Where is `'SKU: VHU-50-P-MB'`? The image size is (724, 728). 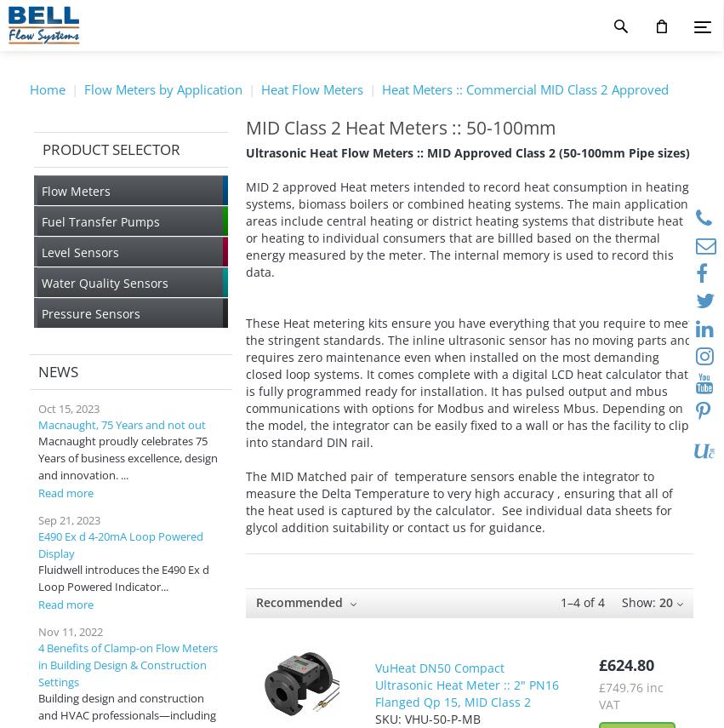
'SKU: VHU-50-P-MB' is located at coordinates (427, 718).